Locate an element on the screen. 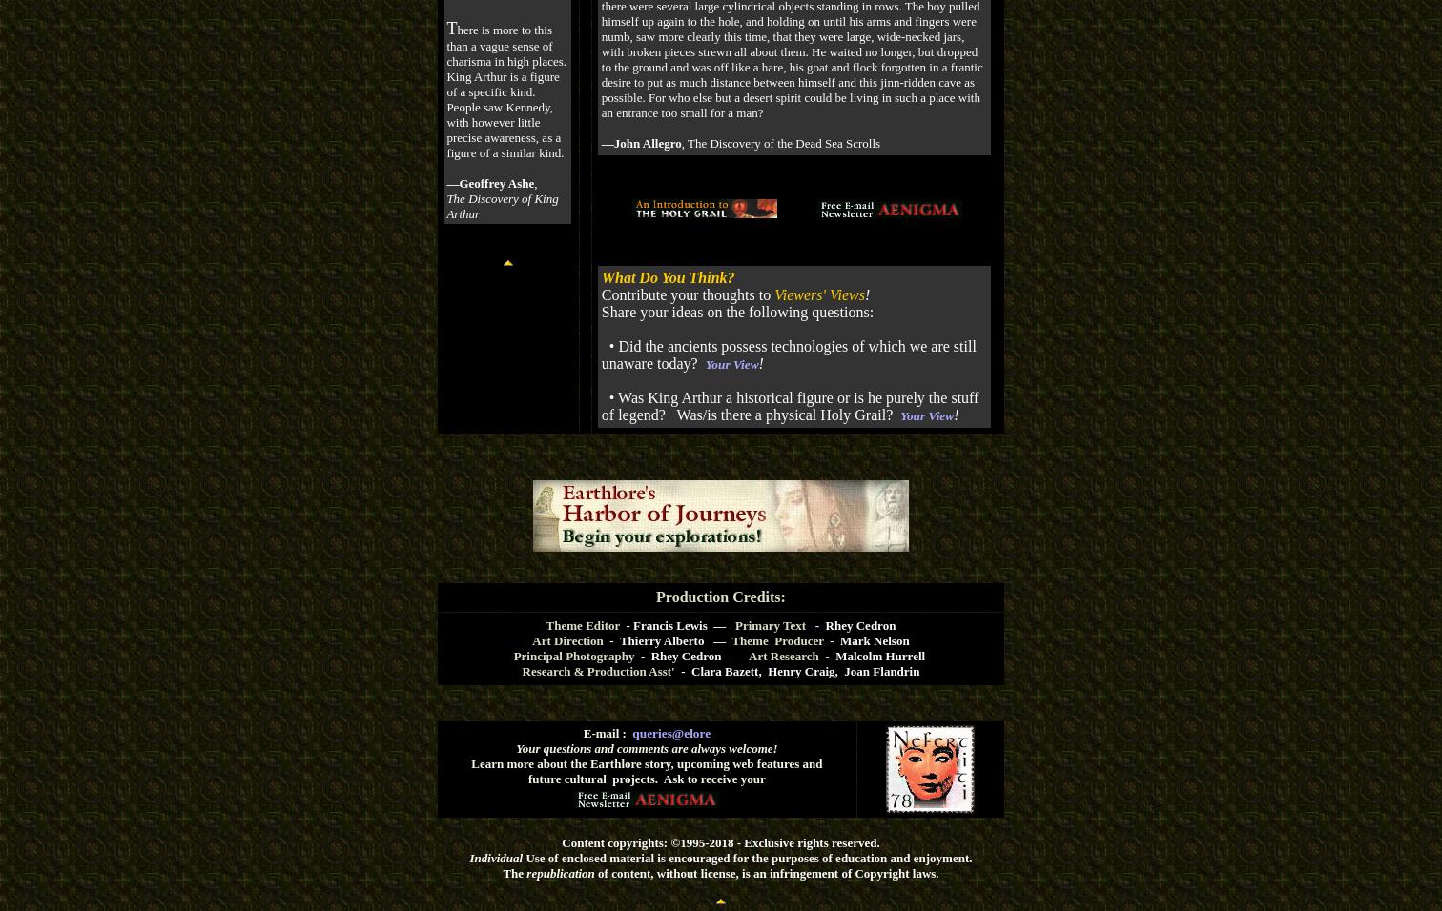 The width and height of the screenshot is (1442, 911). 'The' is located at coordinates (514, 872).